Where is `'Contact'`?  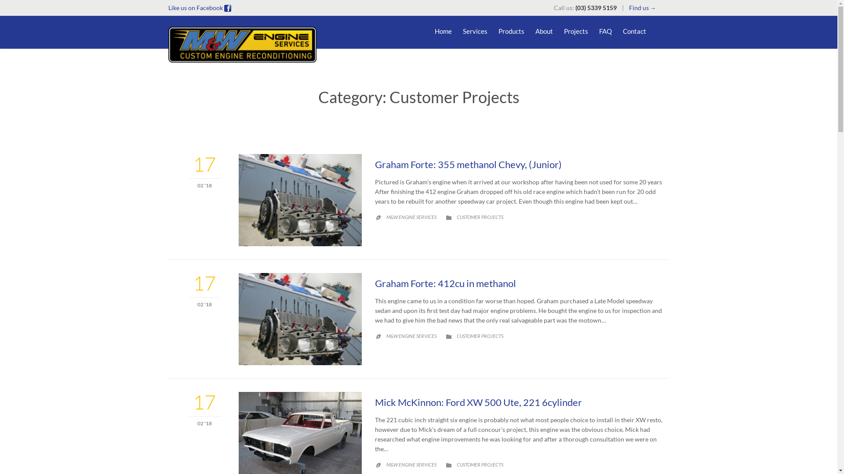
'Contact' is located at coordinates (622, 32).